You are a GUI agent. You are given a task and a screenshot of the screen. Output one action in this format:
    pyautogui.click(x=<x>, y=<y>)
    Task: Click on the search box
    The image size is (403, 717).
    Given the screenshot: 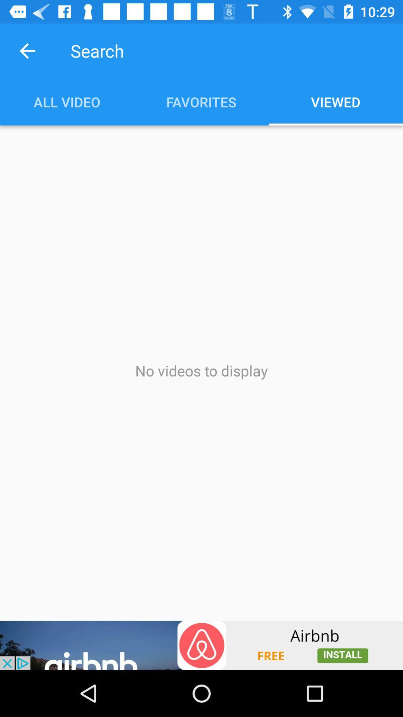 What is the action you would take?
    pyautogui.click(x=212, y=50)
    